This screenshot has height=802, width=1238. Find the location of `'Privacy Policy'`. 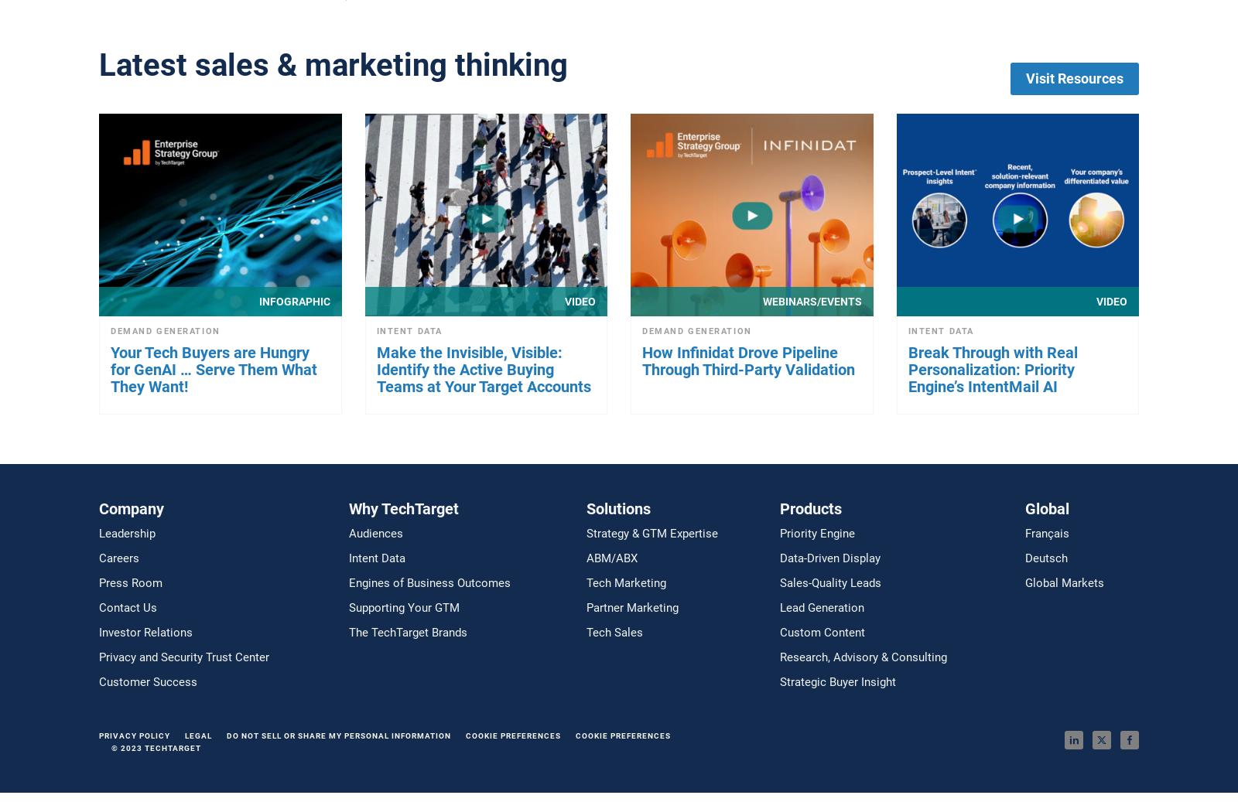

'Privacy Policy' is located at coordinates (134, 735).